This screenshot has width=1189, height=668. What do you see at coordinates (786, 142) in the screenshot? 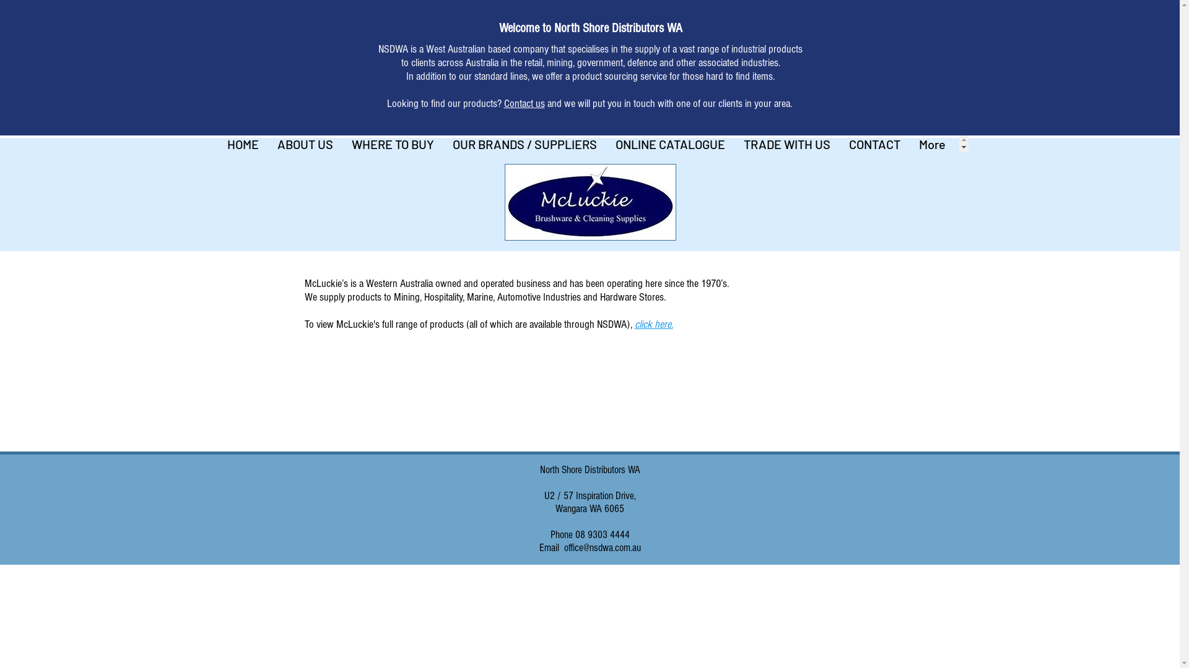
I see `'TRADE WITH US'` at bounding box center [786, 142].